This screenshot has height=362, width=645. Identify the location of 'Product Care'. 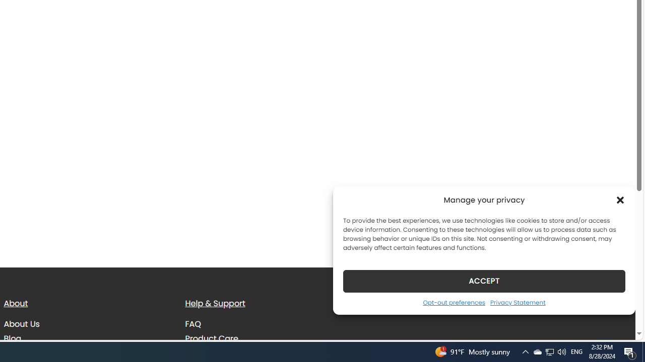
(211, 338).